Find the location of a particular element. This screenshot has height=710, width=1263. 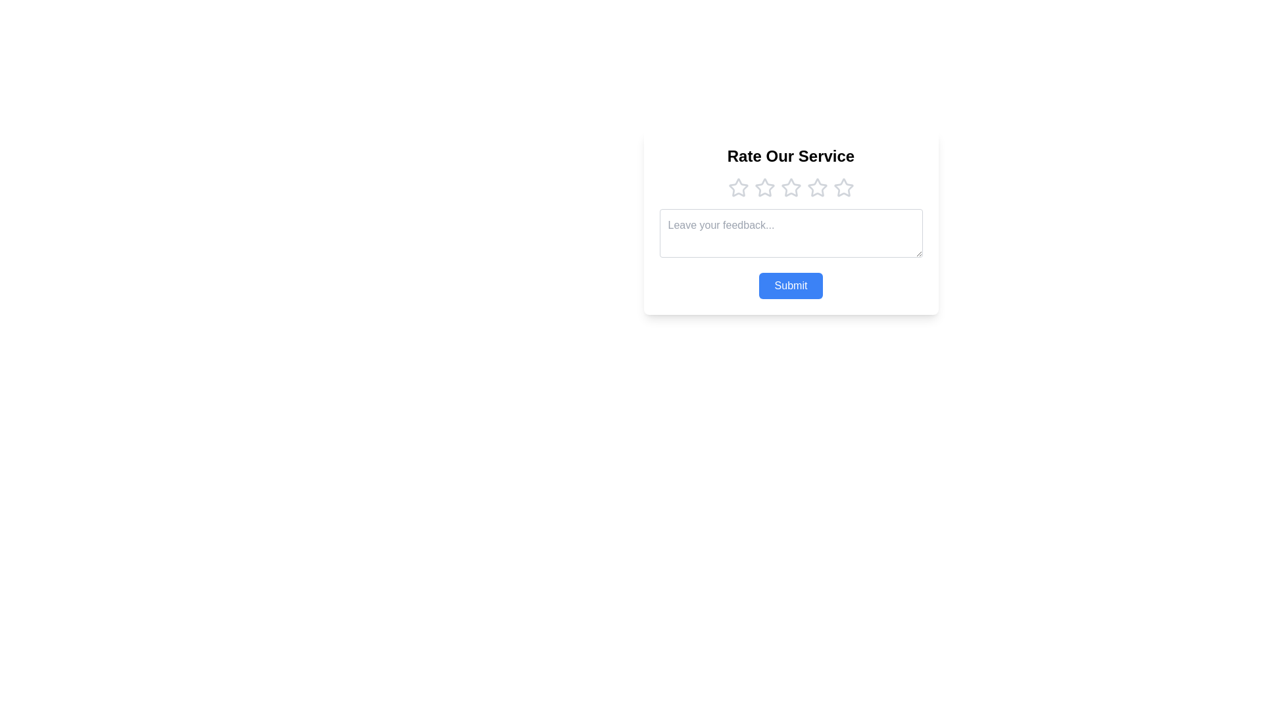

the second star rating icon located below the 'Rate Our Service' heading is located at coordinates (764, 187).